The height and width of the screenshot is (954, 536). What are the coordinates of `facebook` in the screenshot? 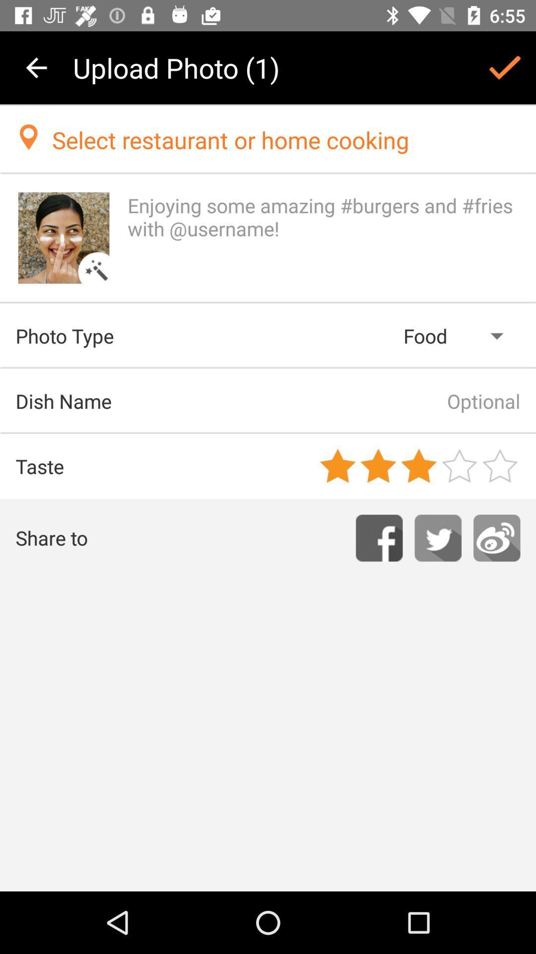 It's located at (379, 538).